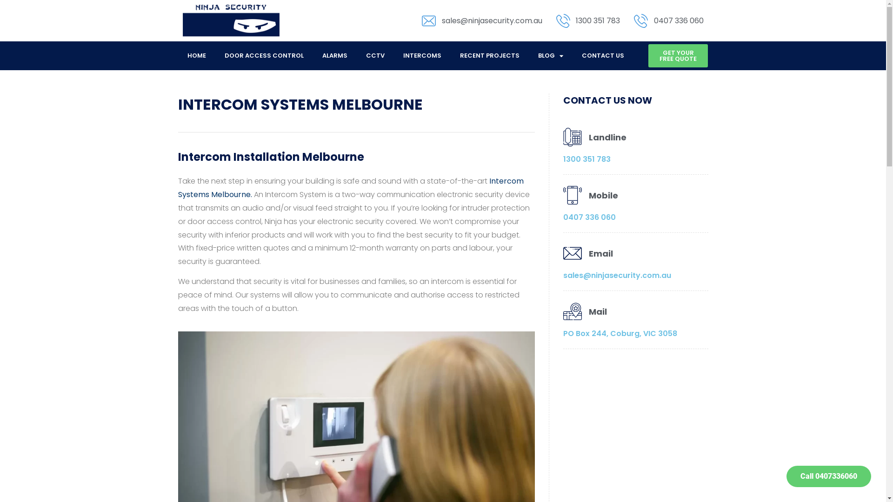 This screenshot has height=502, width=893. I want to click on 'sales@ninjasecurity.com.au', so click(562, 275).